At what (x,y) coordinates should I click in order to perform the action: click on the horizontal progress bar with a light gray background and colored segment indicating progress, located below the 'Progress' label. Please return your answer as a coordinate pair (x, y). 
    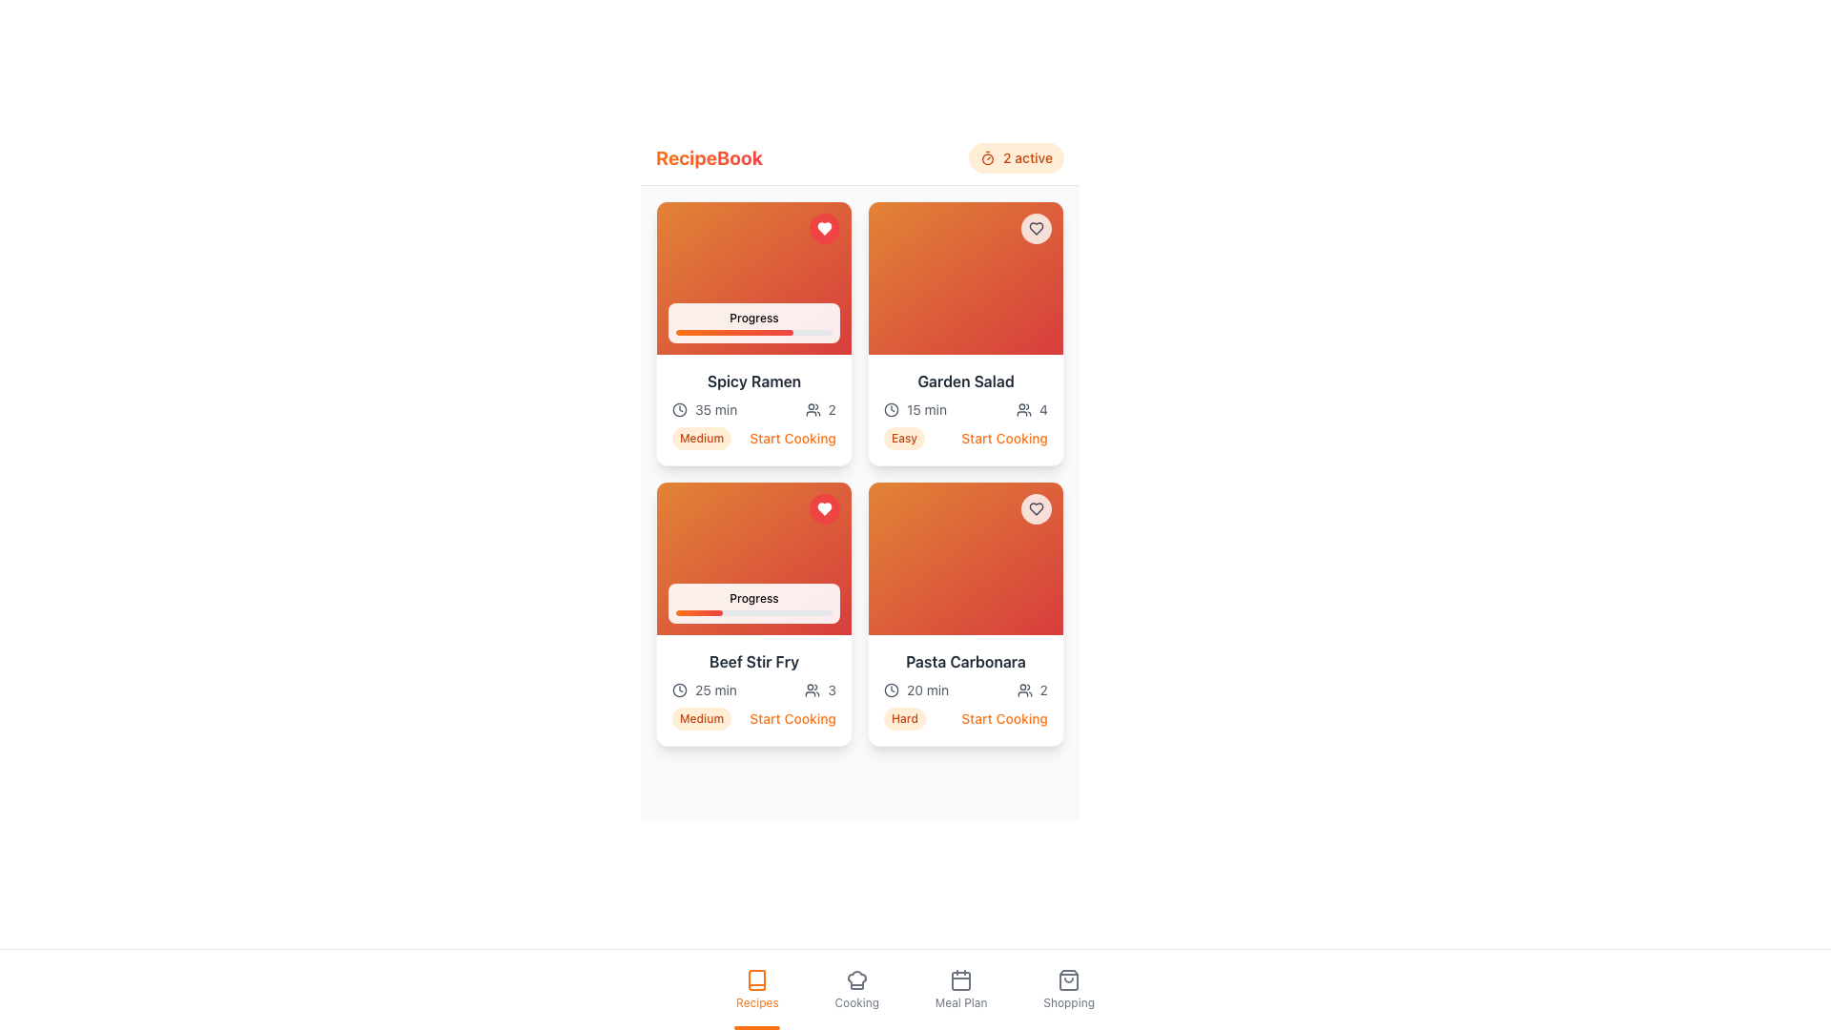
    Looking at the image, I should click on (753, 331).